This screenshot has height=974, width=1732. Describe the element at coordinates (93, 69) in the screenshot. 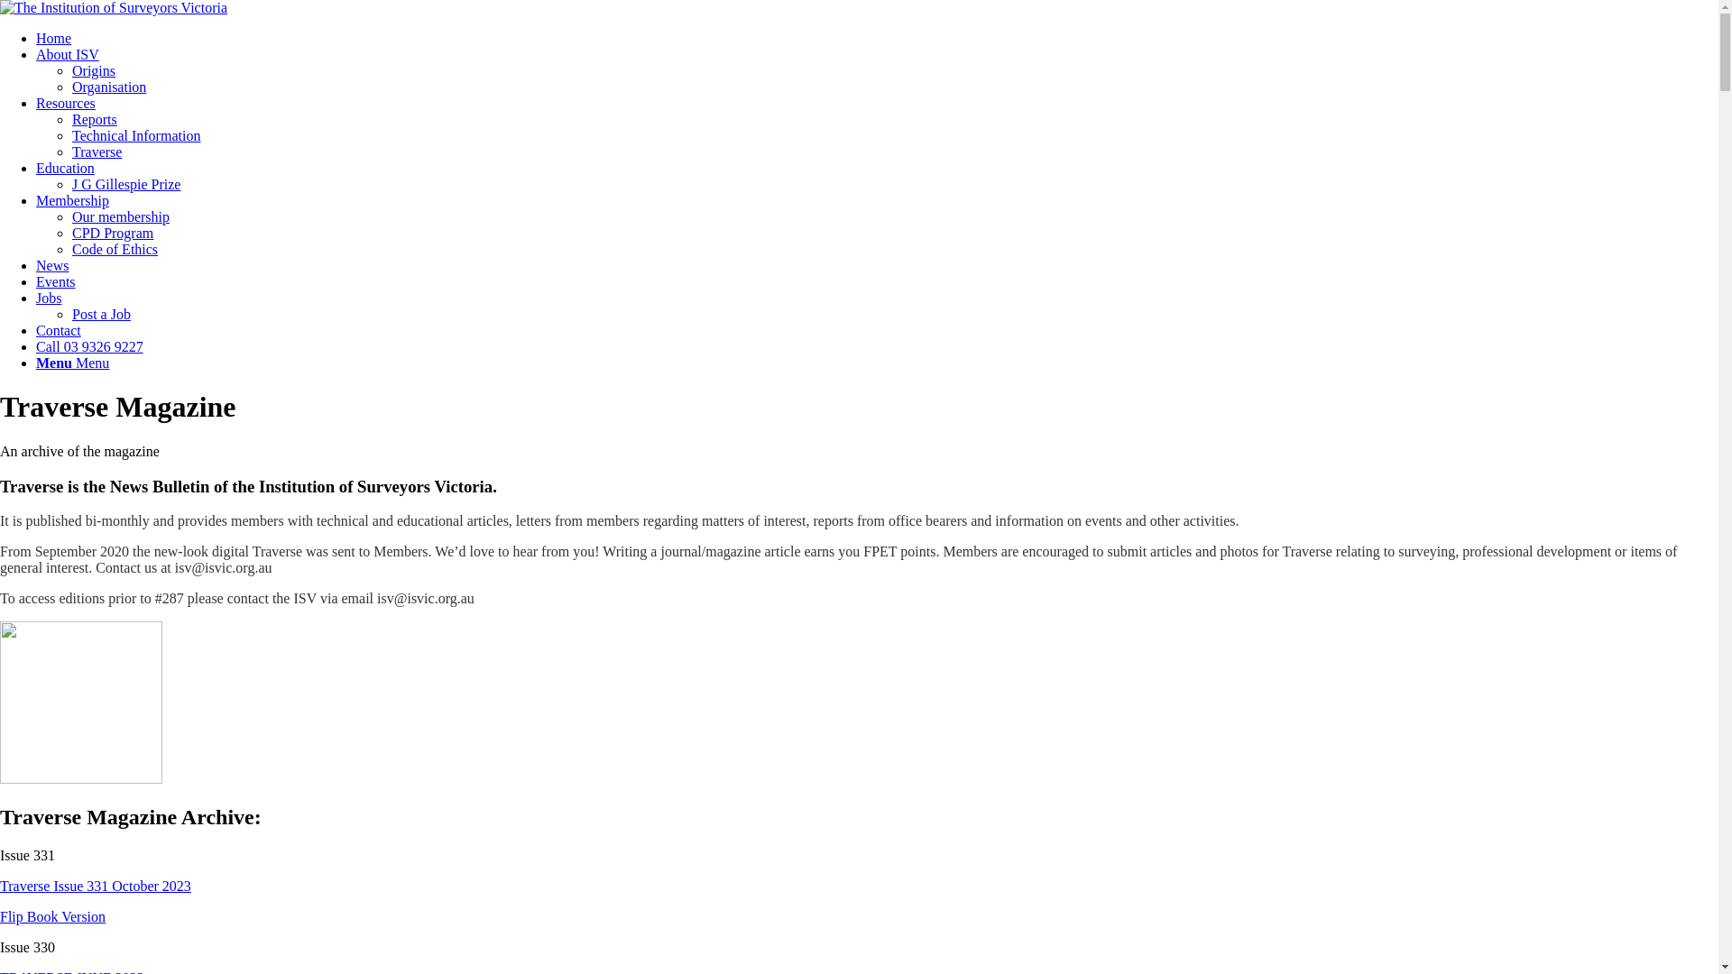

I see `'Origins'` at that location.